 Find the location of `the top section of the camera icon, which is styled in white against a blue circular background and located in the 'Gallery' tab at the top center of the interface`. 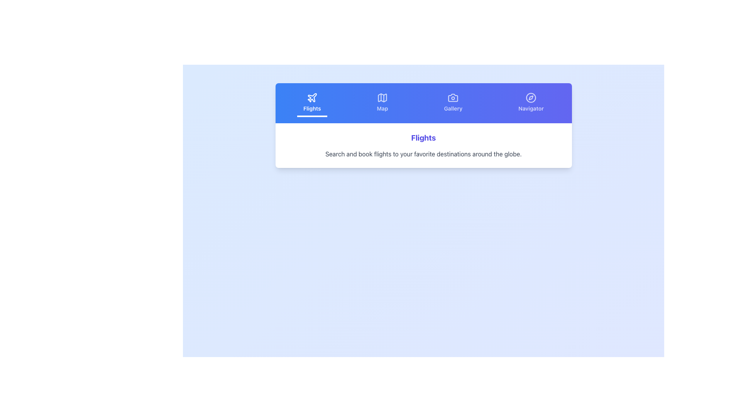

the top section of the camera icon, which is styled in white against a blue circular background and located in the 'Gallery' tab at the top center of the interface is located at coordinates (453, 97).